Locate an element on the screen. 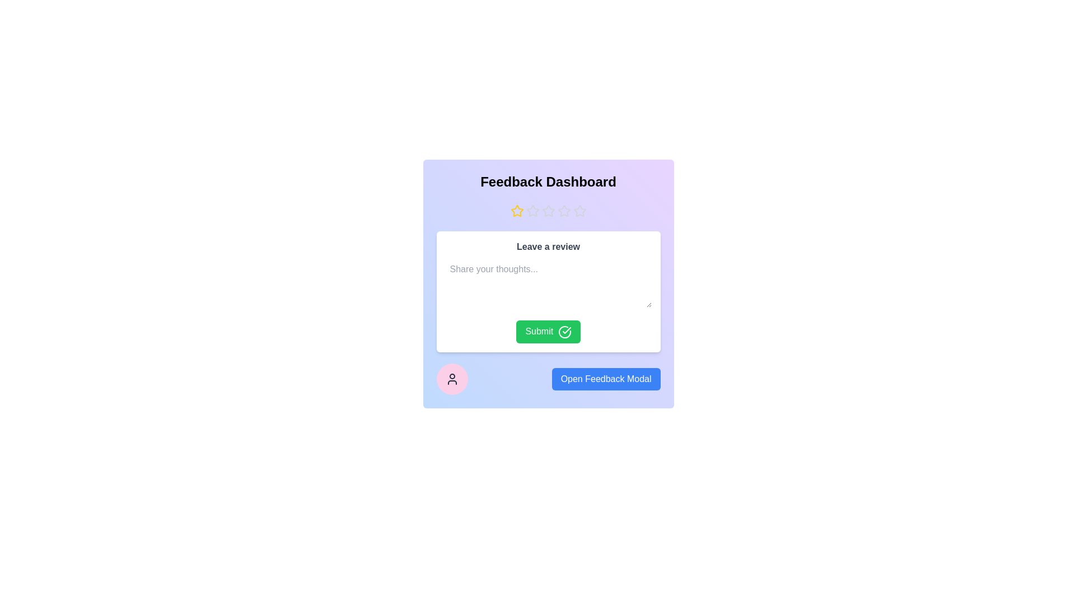 The image size is (1075, 605). the circular SVG component forming part of the check icon located to the right of the 'Submit' button label in the feedback form is located at coordinates (564, 331).